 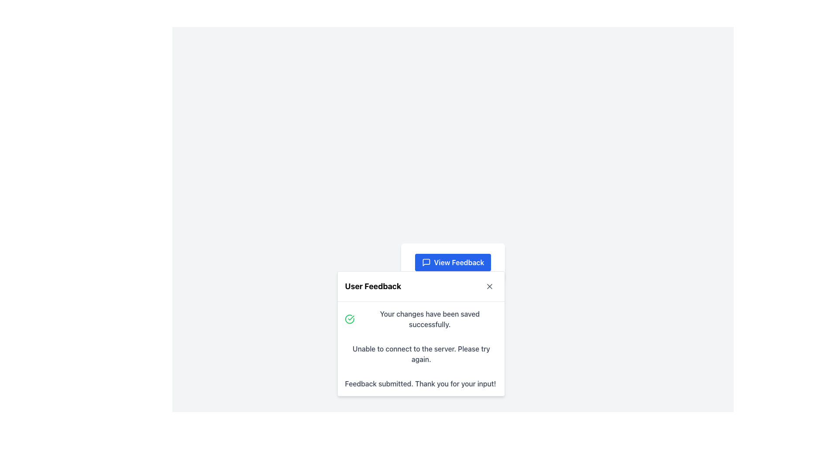 What do you see at coordinates (429, 319) in the screenshot?
I see `confirmation message displayed in the Text Label located in the 'User Feedback' dialog box, which indicates that changes have been successfully saved` at bounding box center [429, 319].